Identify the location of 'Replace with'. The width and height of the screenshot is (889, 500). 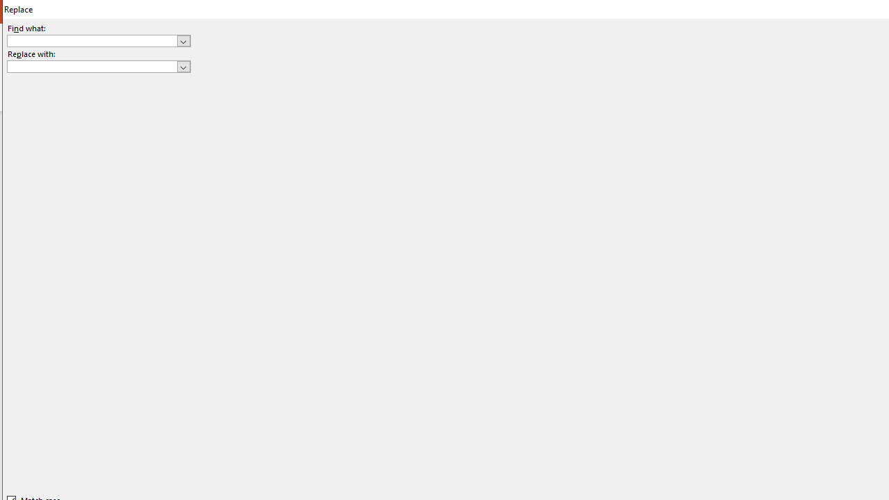
(92, 66).